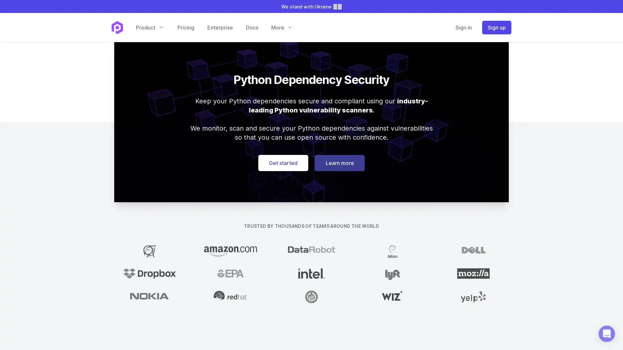  What do you see at coordinates (282, 27) in the screenshot?
I see `More` at bounding box center [282, 27].